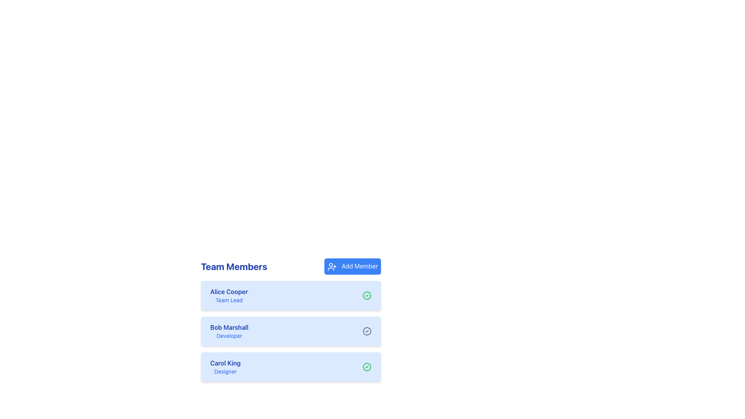 This screenshot has height=419, width=745. I want to click on the text label that identifies Bob Marshall as a Developer, located in the center of the second card under the 'Team Members' heading, so click(229, 331).